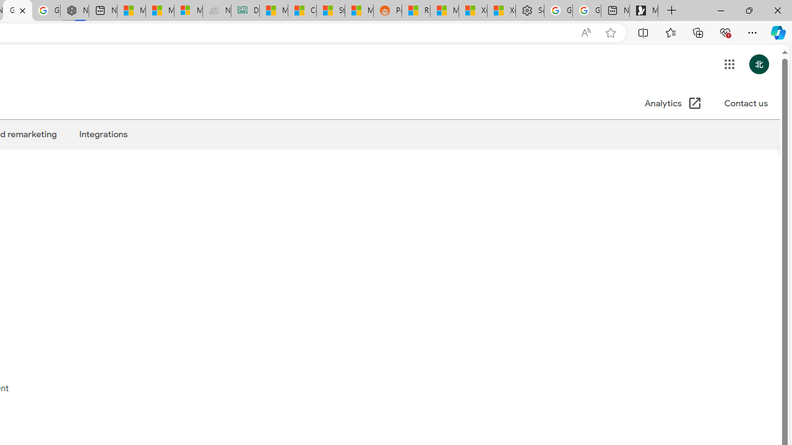  I want to click on 'Google apps', so click(729, 64).